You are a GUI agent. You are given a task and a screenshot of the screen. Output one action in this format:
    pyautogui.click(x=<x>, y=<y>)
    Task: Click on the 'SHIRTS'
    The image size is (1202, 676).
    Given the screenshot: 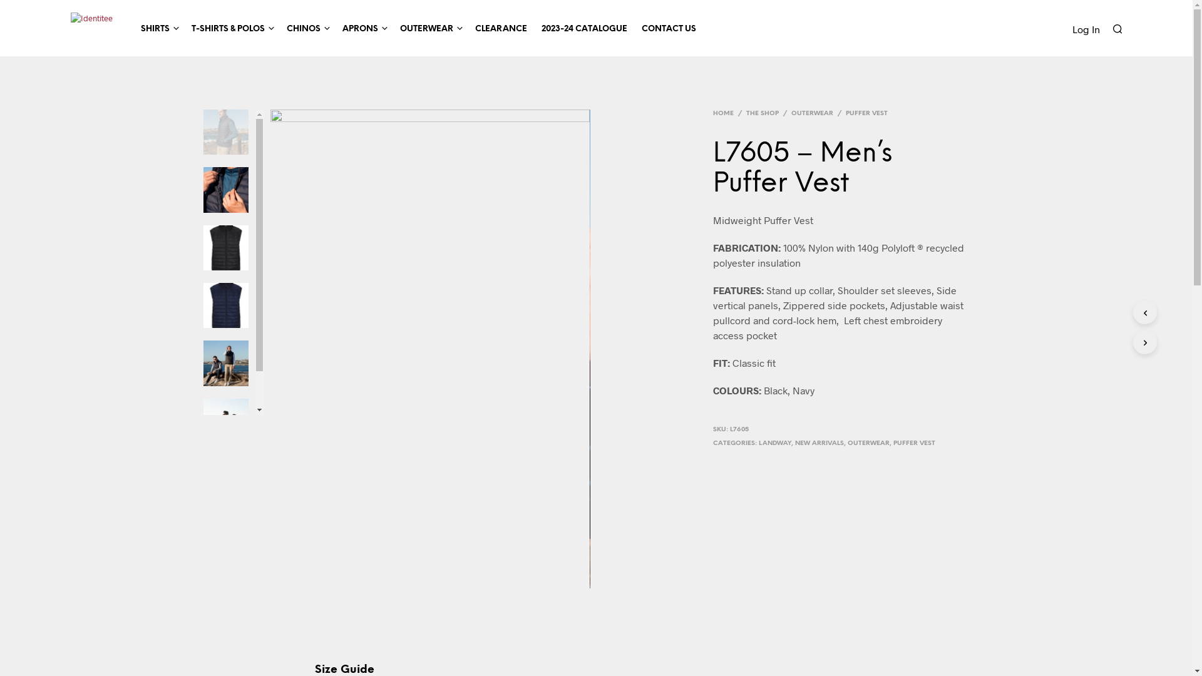 What is the action you would take?
    pyautogui.click(x=153, y=28)
    